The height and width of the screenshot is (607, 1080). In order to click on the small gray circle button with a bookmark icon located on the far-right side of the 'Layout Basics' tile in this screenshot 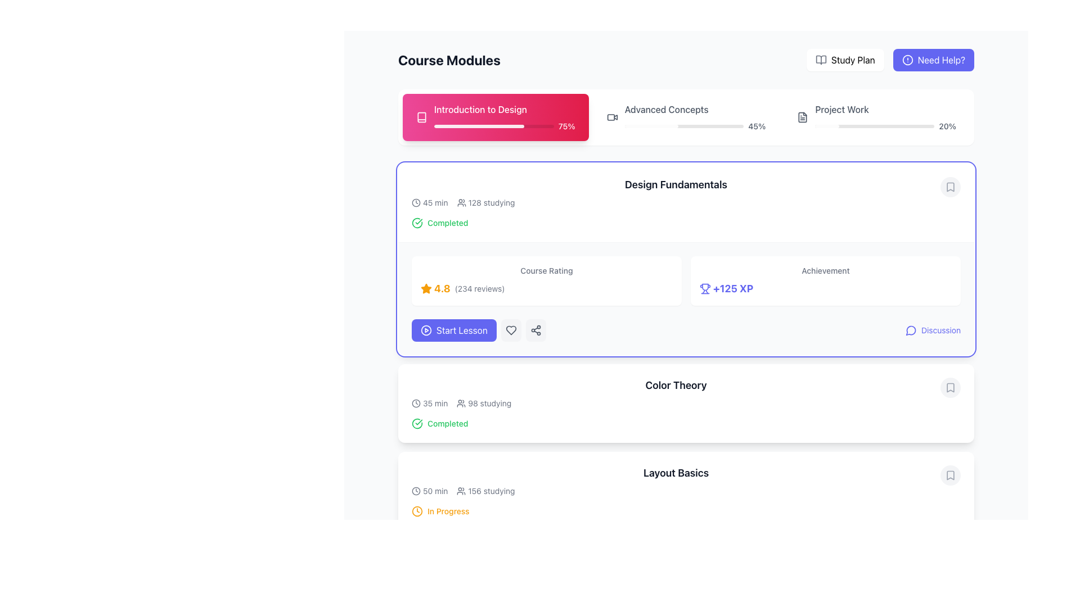, I will do `click(949, 475)`.